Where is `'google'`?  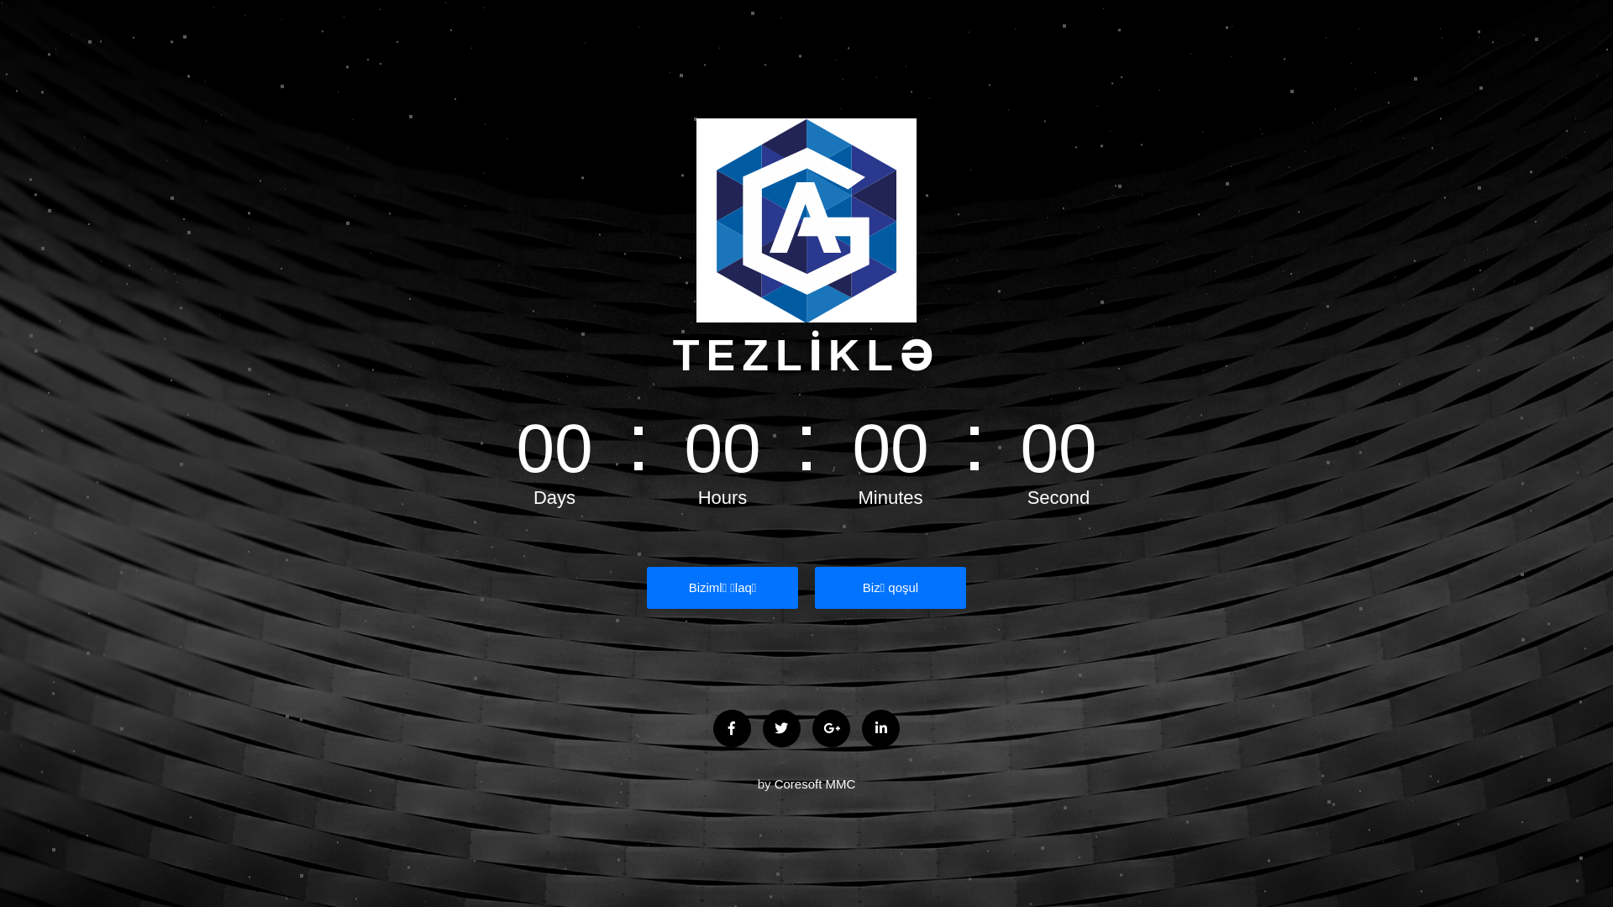 'google' is located at coordinates (831, 727).